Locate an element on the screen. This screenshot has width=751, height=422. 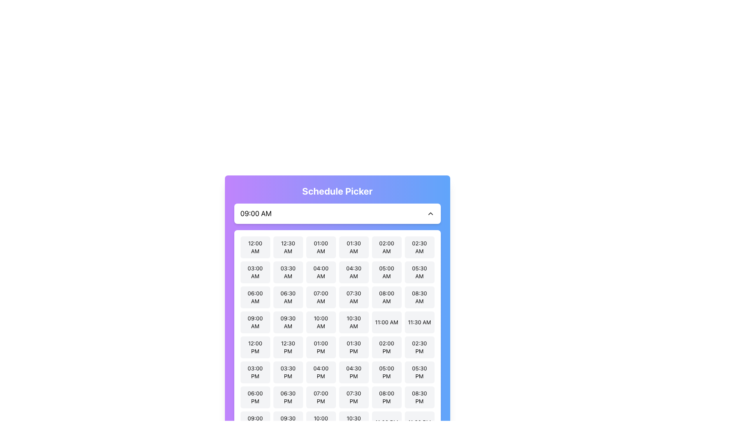
the '05:00 AM' time slot button located in the second row and fifth column of the 'Schedule Picker' grid is located at coordinates (386, 272).